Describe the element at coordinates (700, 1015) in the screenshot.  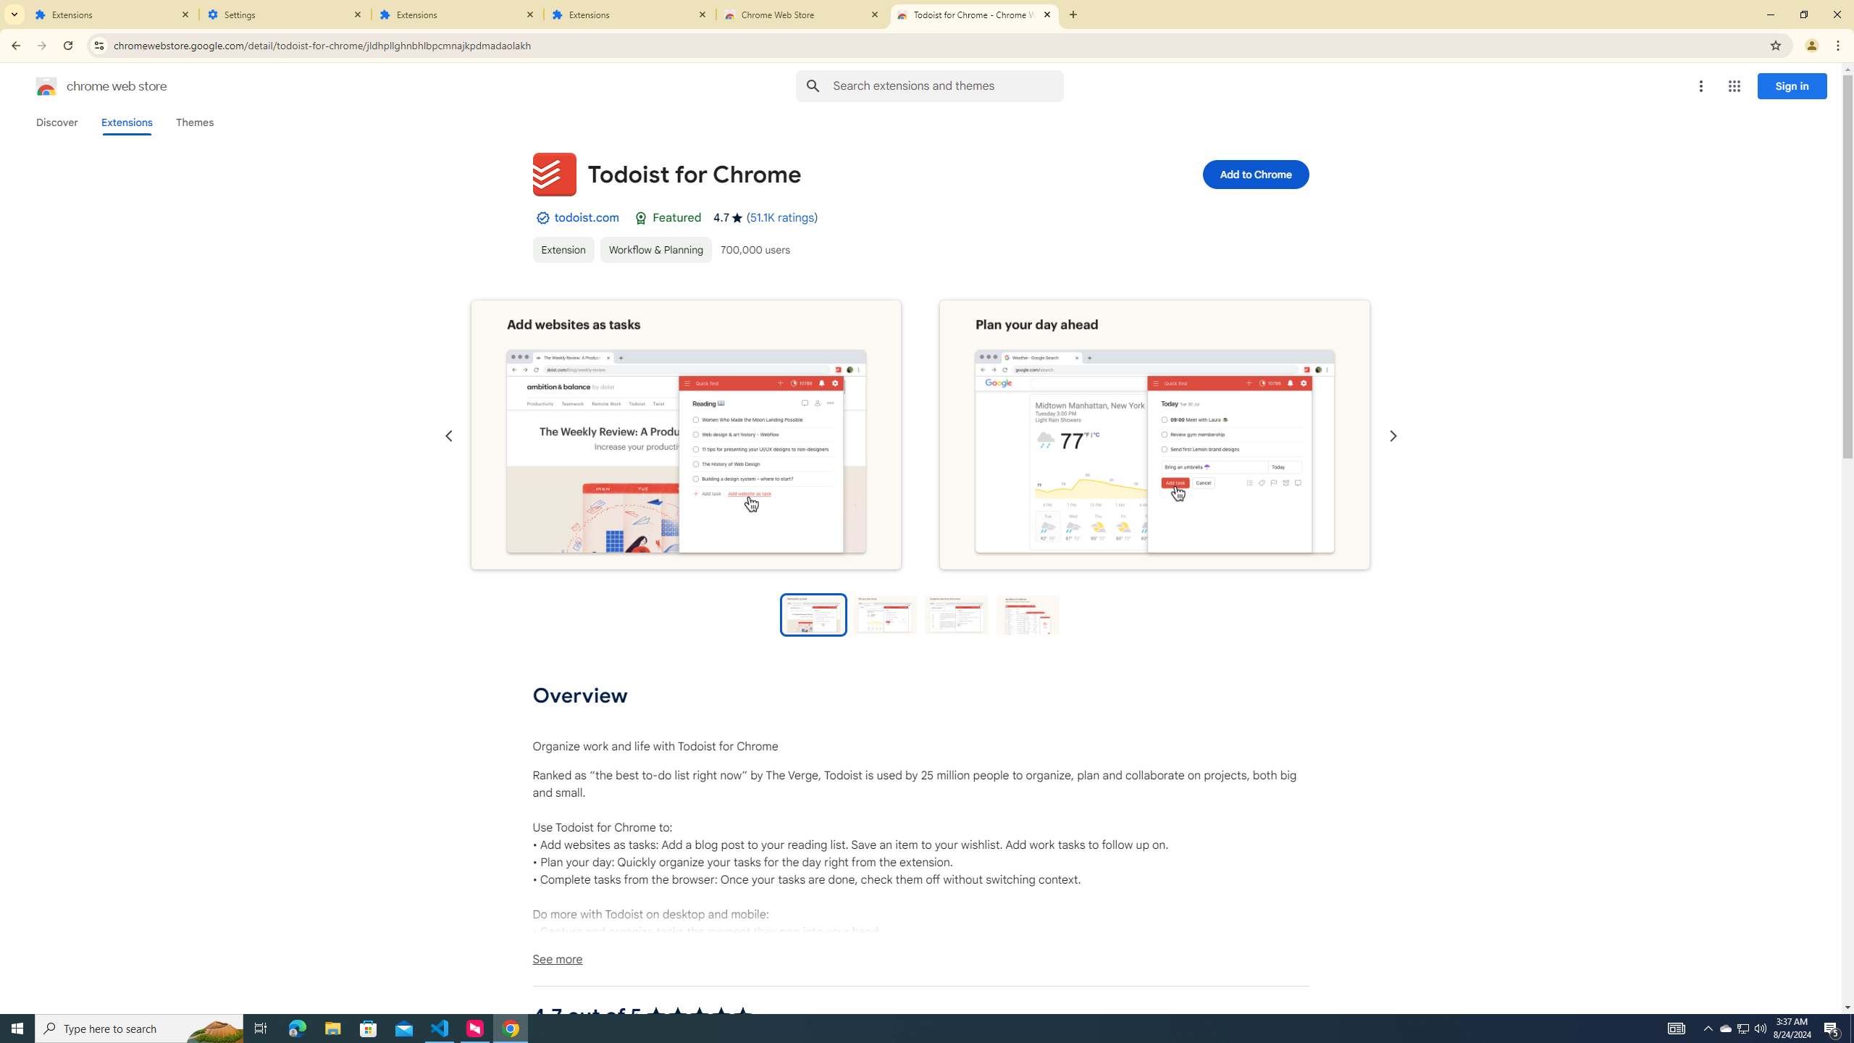
I see `'4.7 out of 5 stars'` at that location.